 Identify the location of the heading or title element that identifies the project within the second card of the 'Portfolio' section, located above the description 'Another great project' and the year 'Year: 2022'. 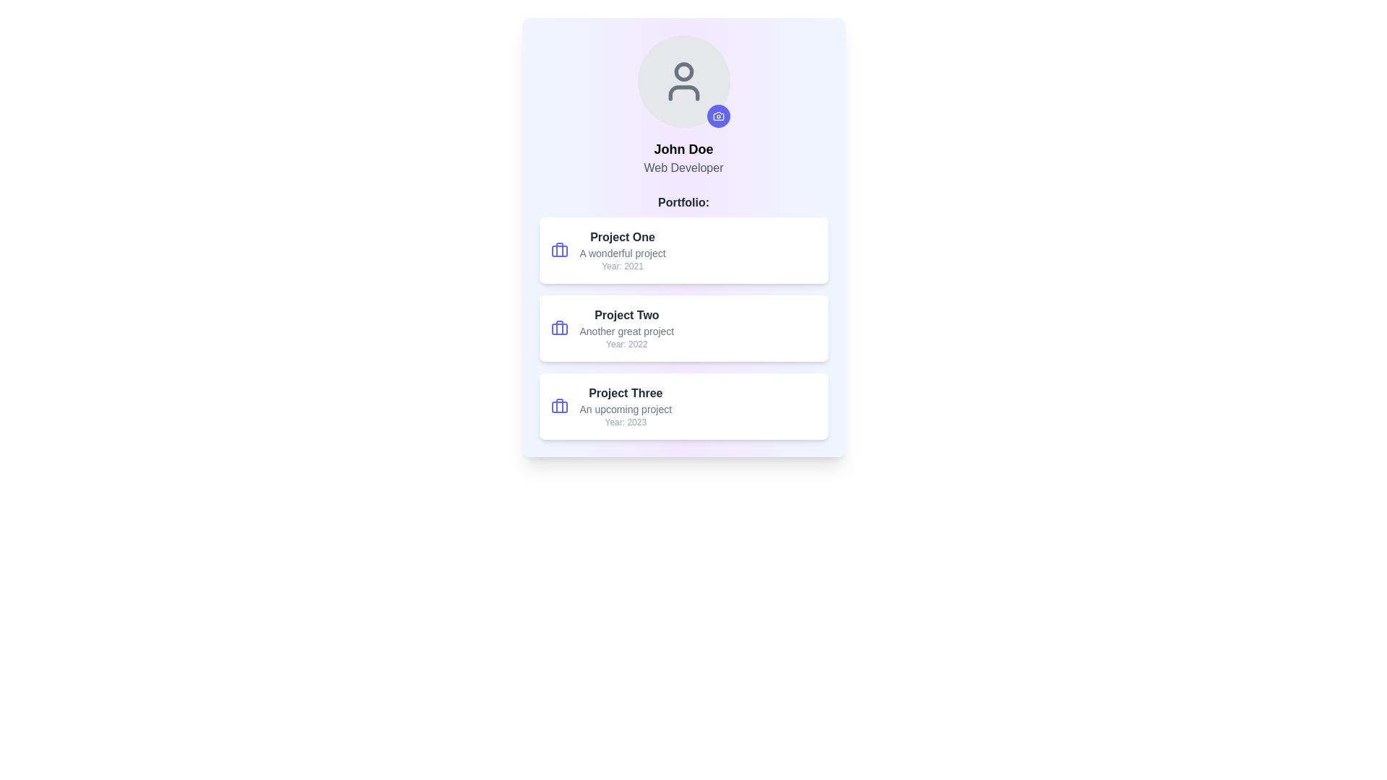
(626, 314).